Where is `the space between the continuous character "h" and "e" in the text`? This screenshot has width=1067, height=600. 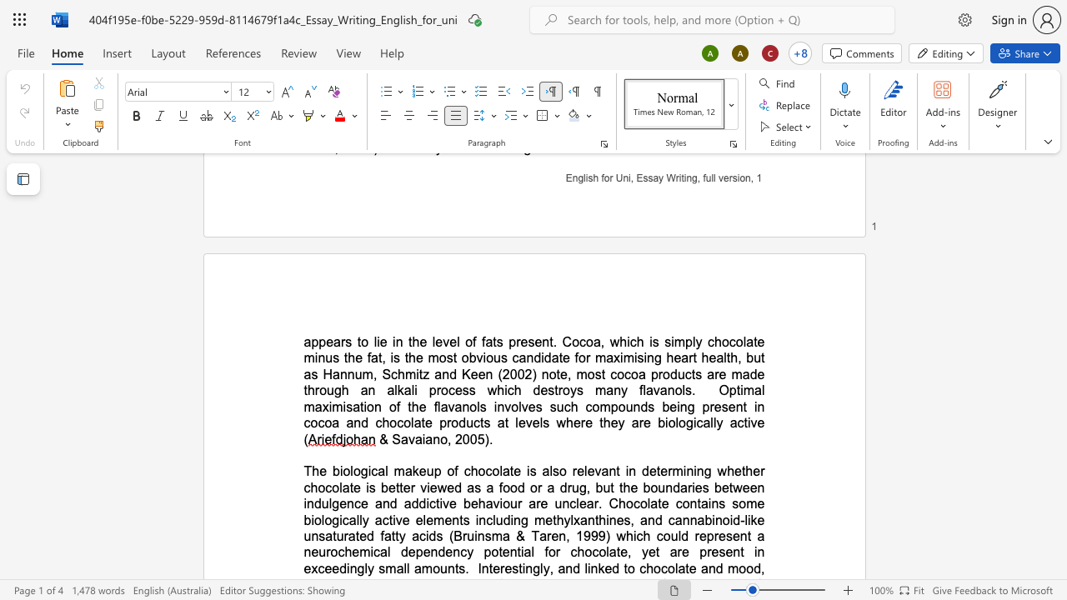 the space between the continuous character "h" and "e" in the text is located at coordinates (319, 471).